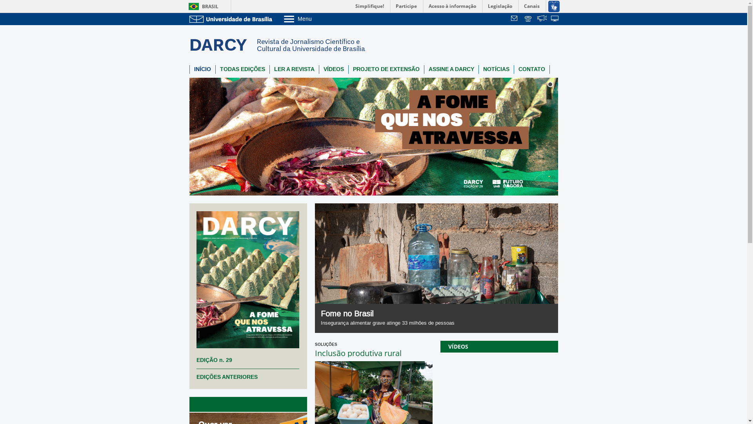 This screenshot has width=753, height=424. Describe the element at coordinates (555, 19) in the screenshot. I see `' '` at that location.